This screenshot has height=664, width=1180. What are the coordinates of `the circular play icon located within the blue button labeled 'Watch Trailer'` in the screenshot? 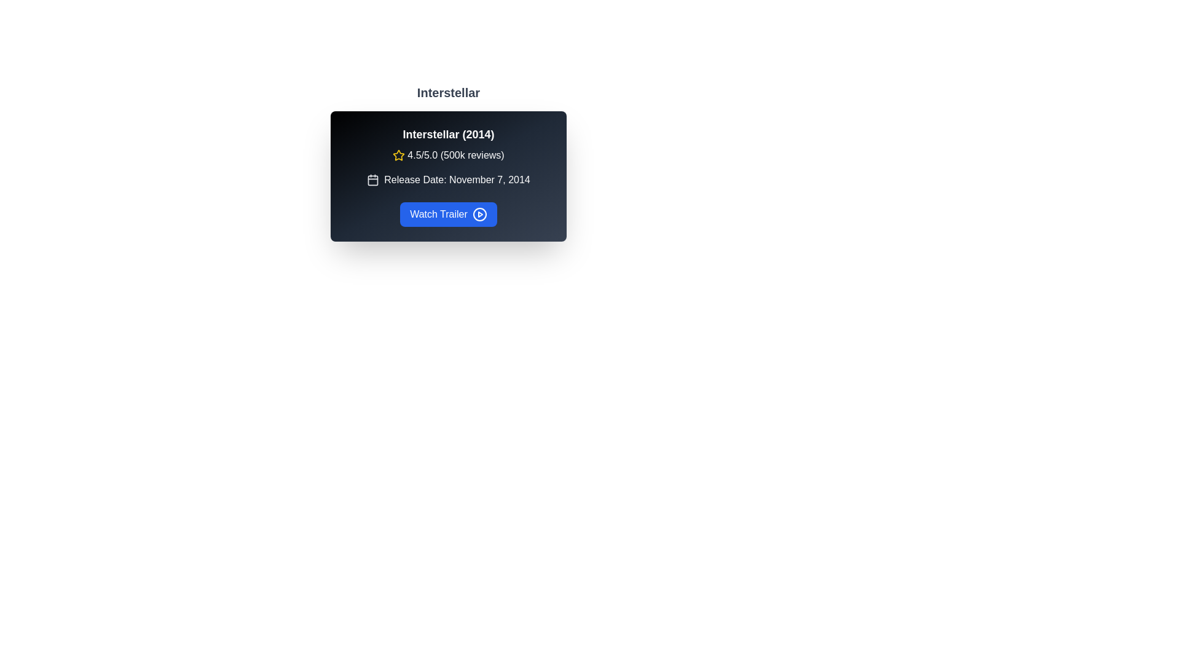 It's located at (479, 213).